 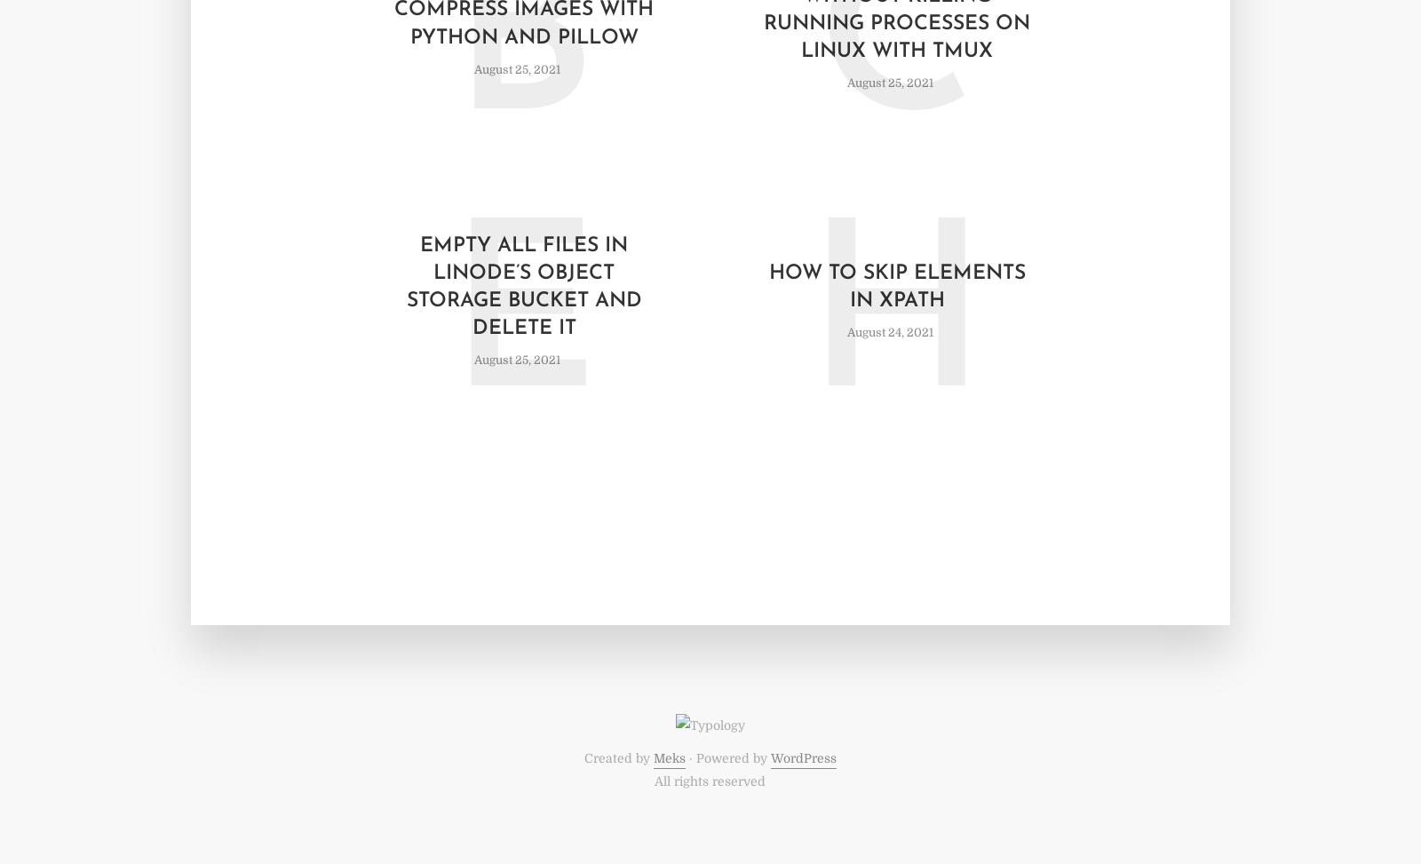 What do you see at coordinates (668, 757) in the screenshot?
I see `'Meks'` at bounding box center [668, 757].